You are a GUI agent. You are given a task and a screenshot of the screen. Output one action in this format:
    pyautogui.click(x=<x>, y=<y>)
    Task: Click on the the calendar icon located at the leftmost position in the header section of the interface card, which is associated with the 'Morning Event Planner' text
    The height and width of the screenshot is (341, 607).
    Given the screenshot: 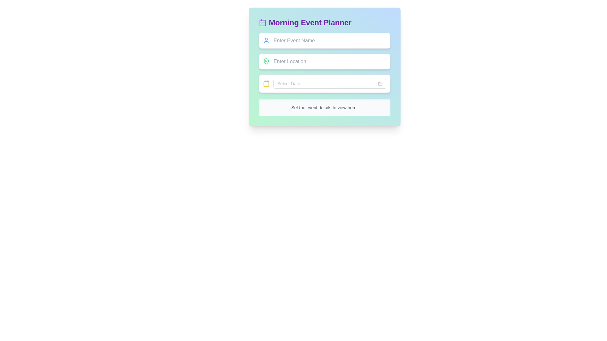 What is the action you would take?
    pyautogui.click(x=262, y=22)
    